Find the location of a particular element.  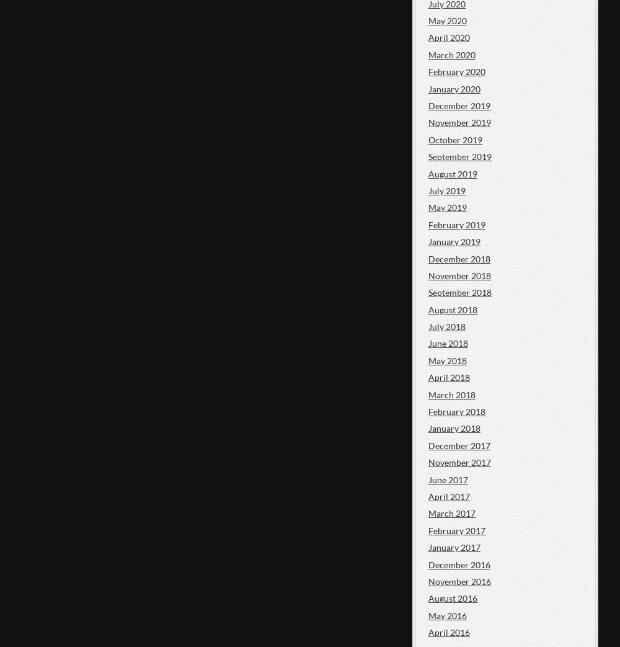

'July 2019' is located at coordinates (446, 189).